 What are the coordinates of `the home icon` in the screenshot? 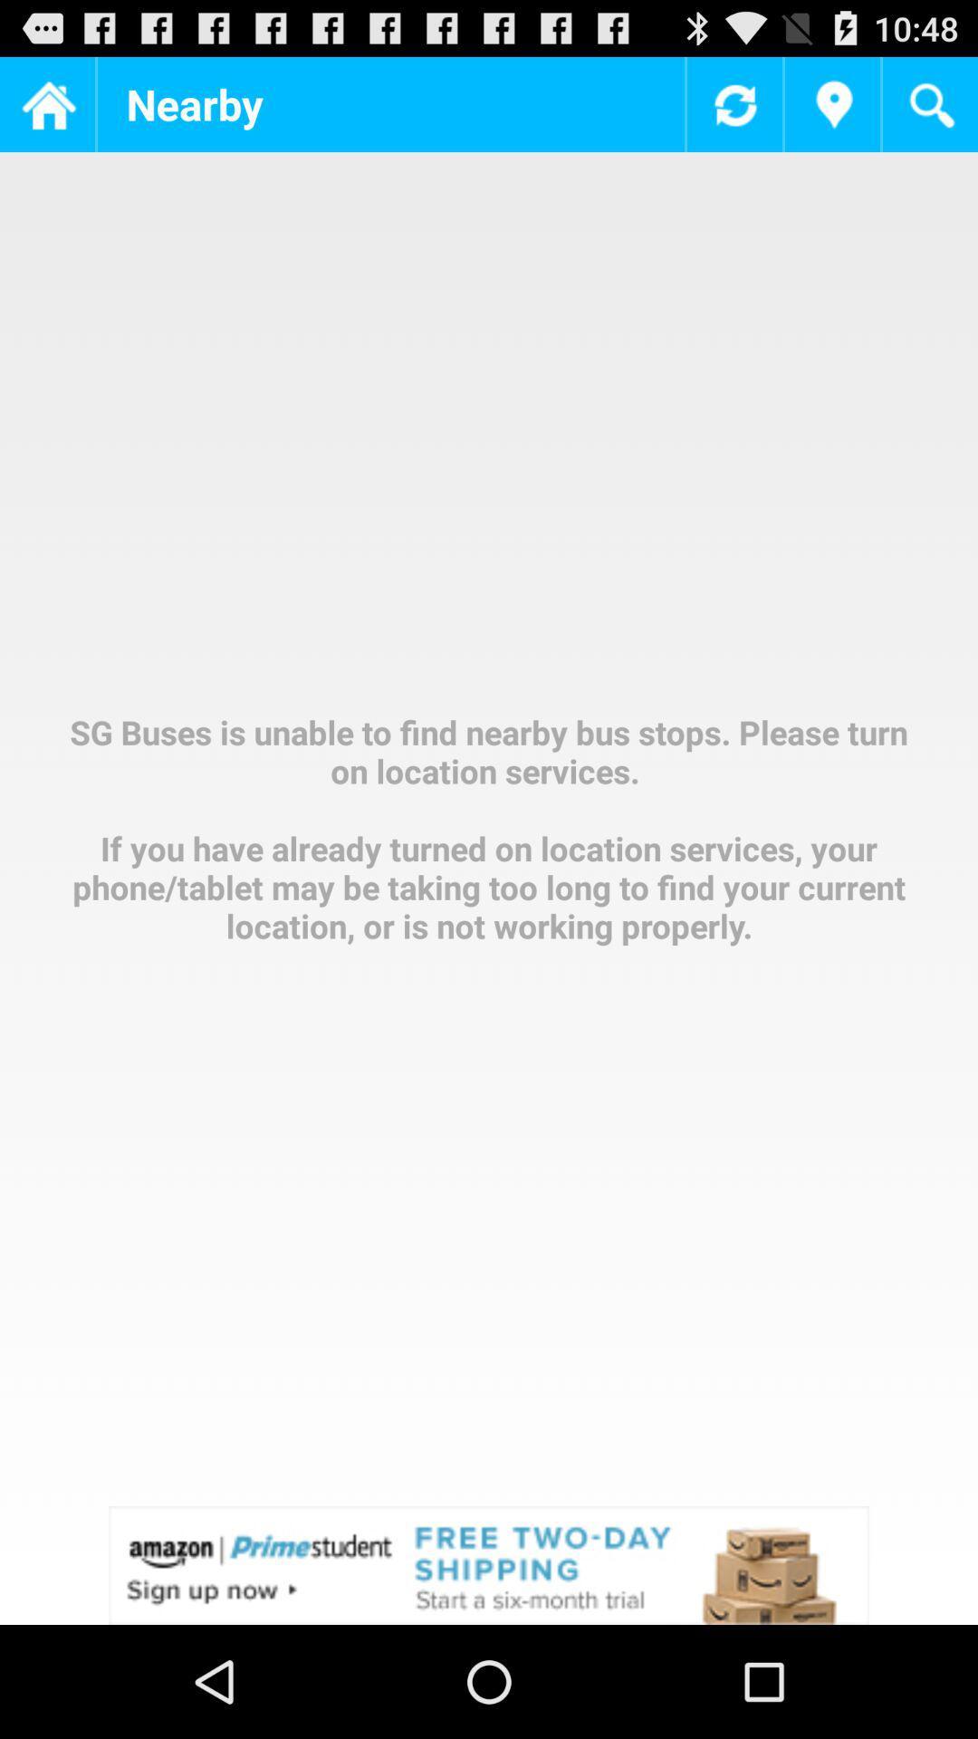 It's located at (46, 110).